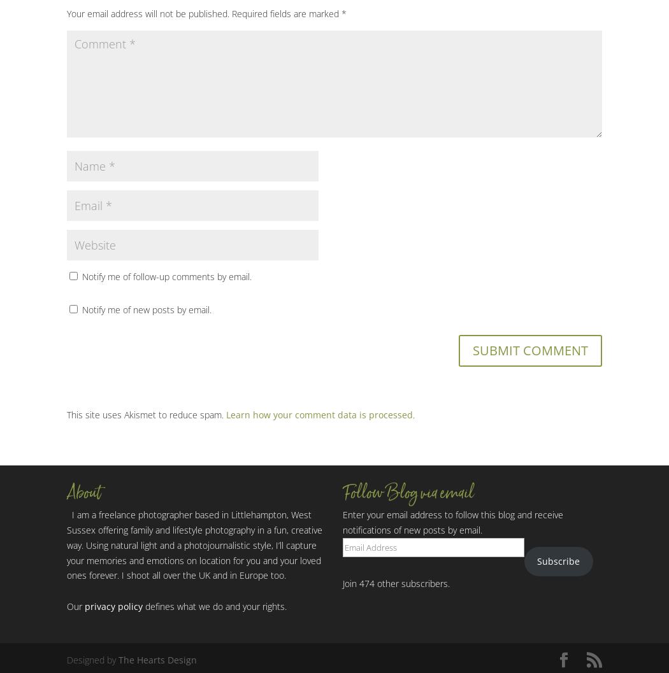 Image resolution: width=669 pixels, height=673 pixels. What do you see at coordinates (166, 275) in the screenshot?
I see `'Notify me of follow-up comments by email.'` at bounding box center [166, 275].